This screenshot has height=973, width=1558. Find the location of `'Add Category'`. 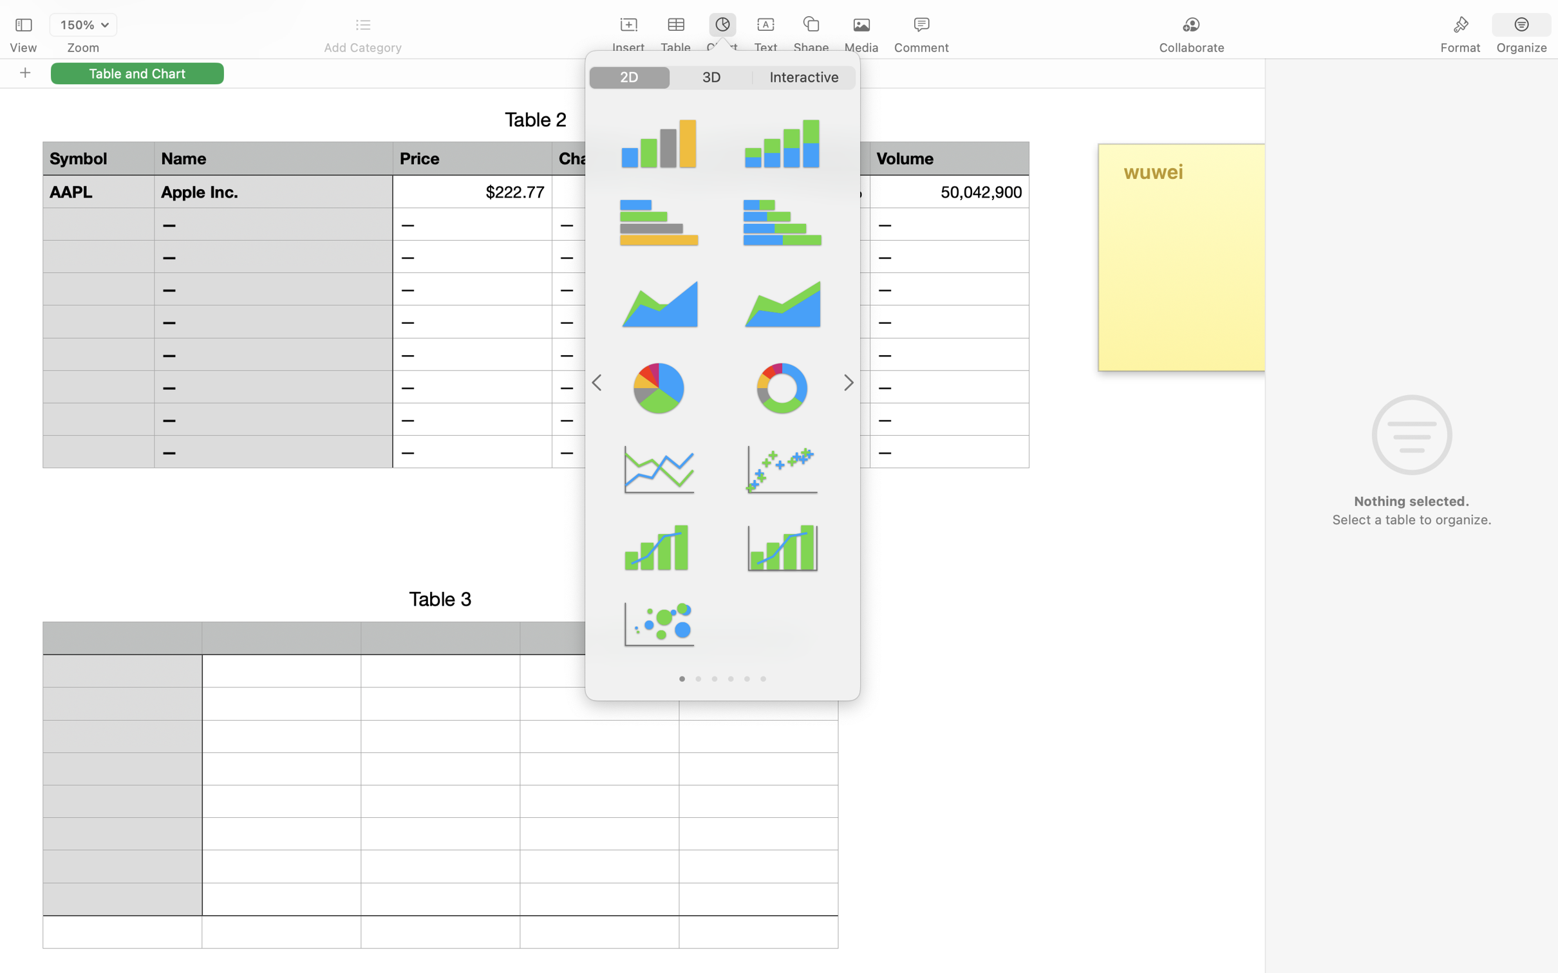

'Add Category' is located at coordinates (361, 48).